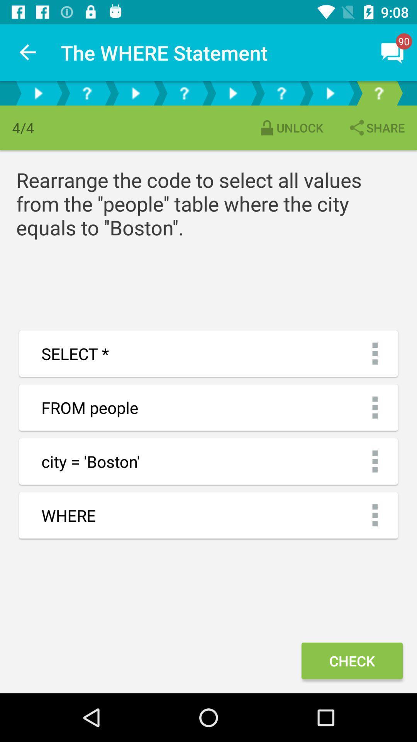 The image size is (417, 742). What do you see at coordinates (28, 52) in the screenshot?
I see `item next to the where statement` at bounding box center [28, 52].